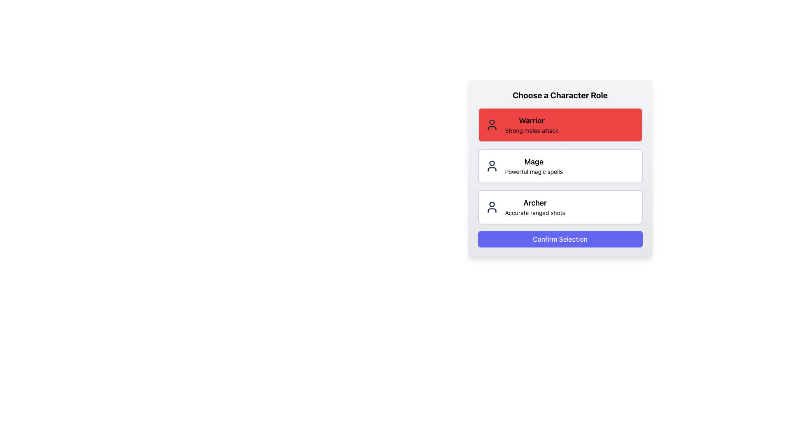 Image resolution: width=790 pixels, height=444 pixels. I want to click on the user icon representing the 'Mage' role in the character selection menu, which is styled with a circular head and shoulders, located inside the second card of three options, so click(492, 166).